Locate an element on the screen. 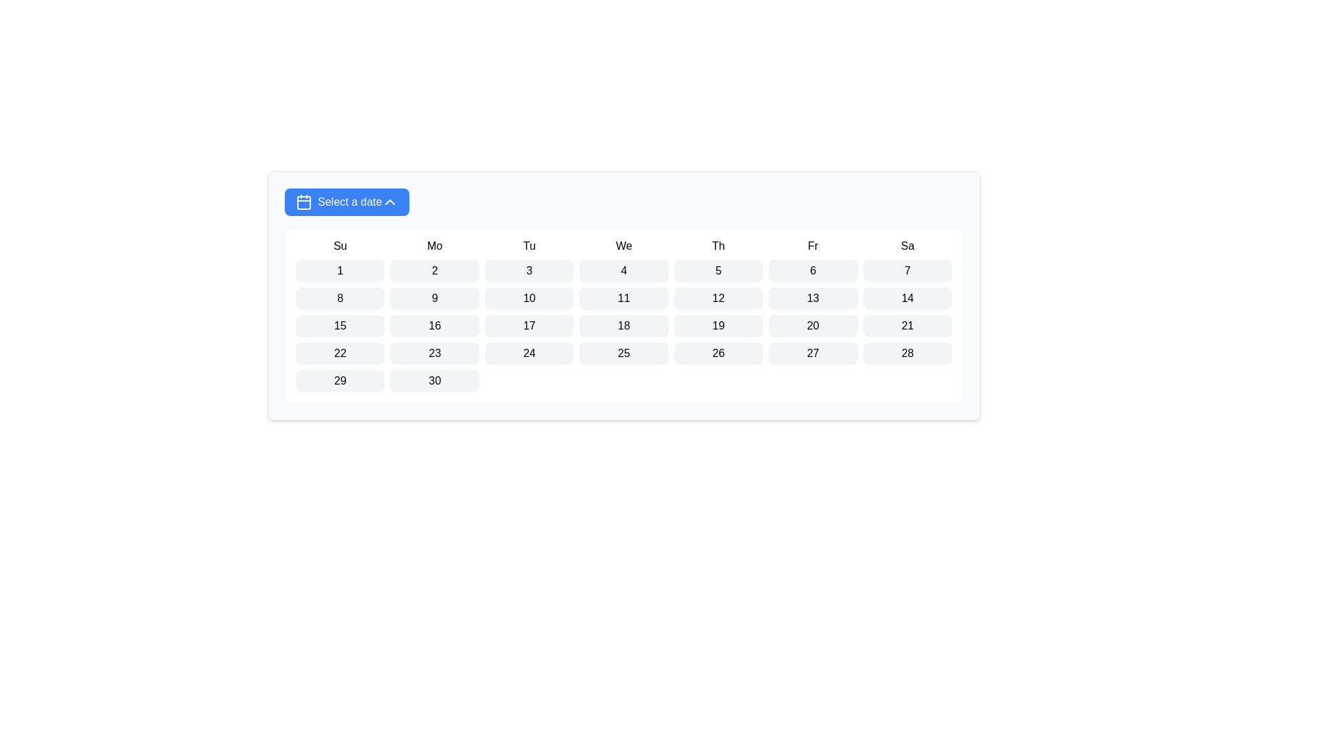  the button representing the 25th day in the calendar is located at coordinates (623, 352).